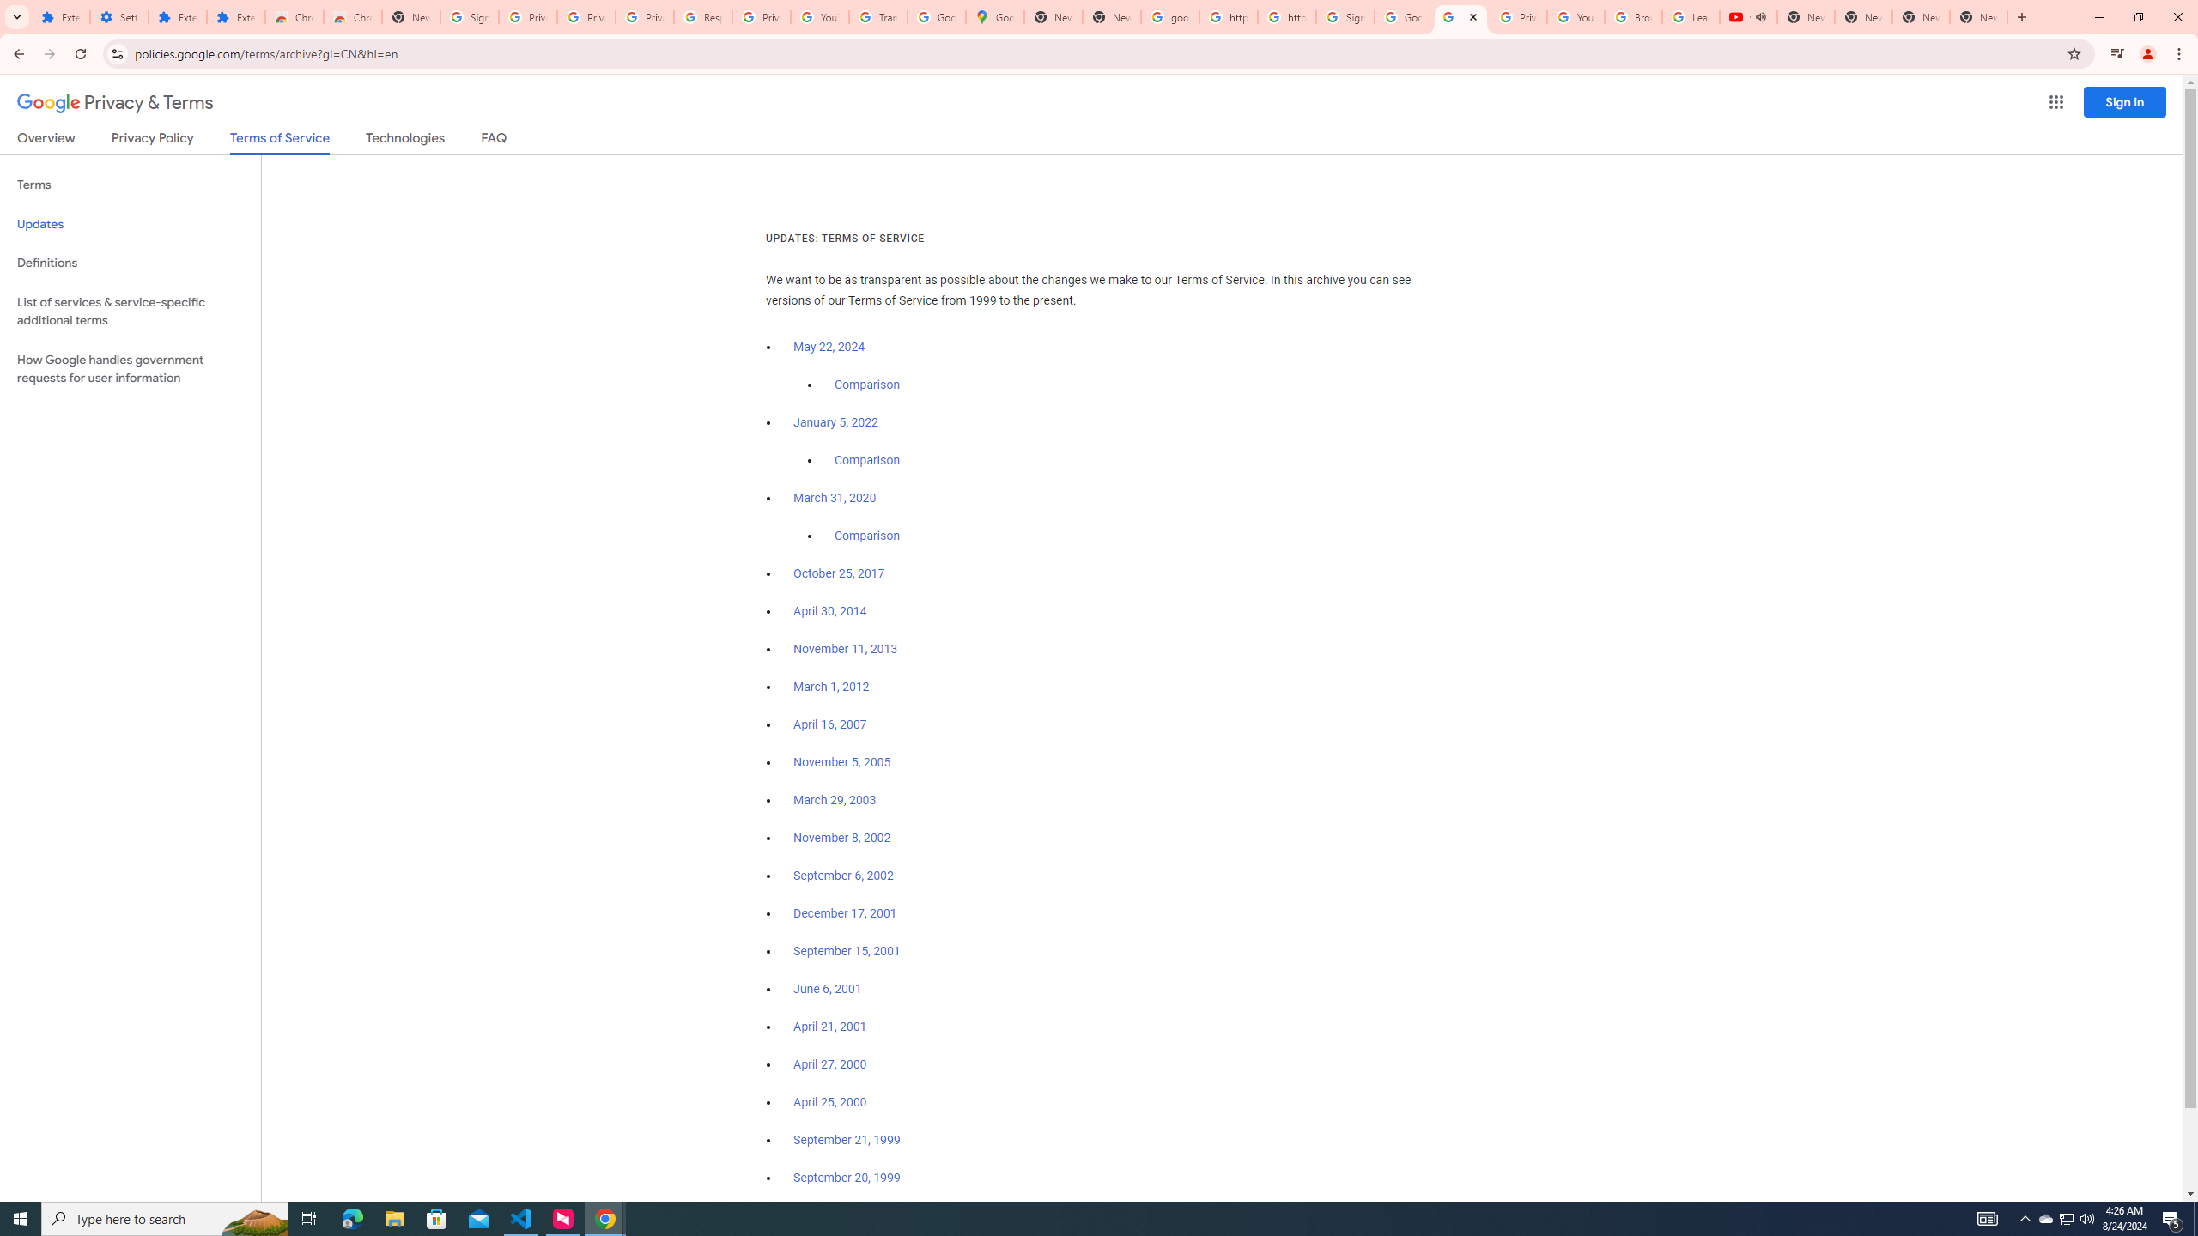  Describe the element at coordinates (130, 310) in the screenshot. I see `'List of services & service-specific additional terms'` at that location.